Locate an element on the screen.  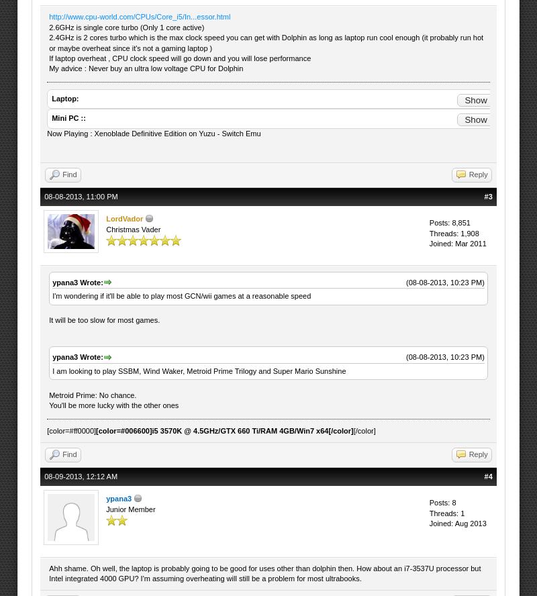
'2.4GHz is 2 cores turbo which is  the max clock speed you can get with Dolphin as long as laptop run cool enough (it probably run hot or maybe overheat since it's not a gaming laptop )' is located at coordinates (48, 42).